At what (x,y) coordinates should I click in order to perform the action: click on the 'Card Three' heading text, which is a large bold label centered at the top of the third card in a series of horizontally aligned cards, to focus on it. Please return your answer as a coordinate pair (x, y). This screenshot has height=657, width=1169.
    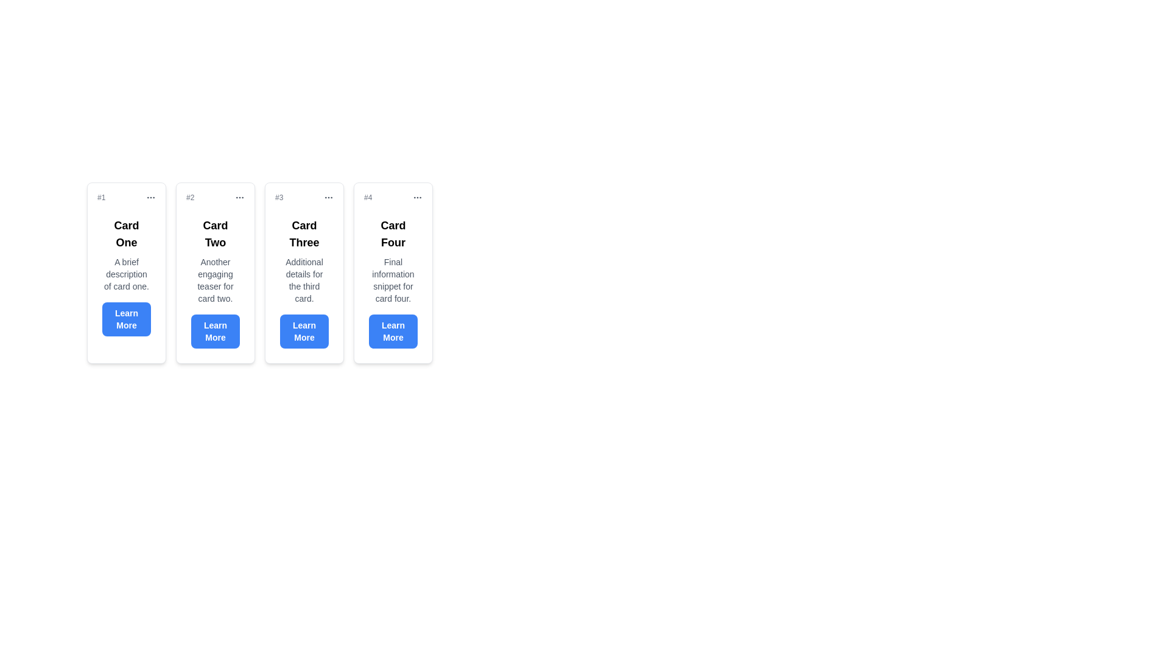
    Looking at the image, I should click on (304, 234).